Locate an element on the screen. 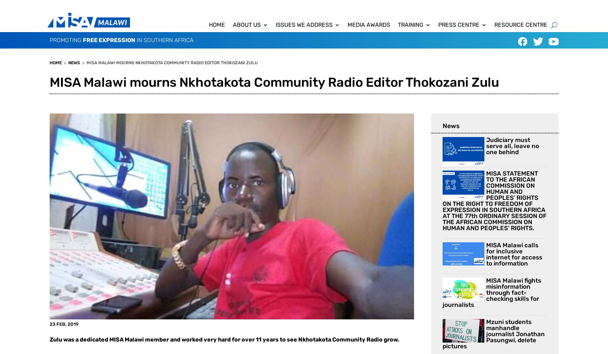  'MISA Malawi membership' is located at coordinates (270, 68).